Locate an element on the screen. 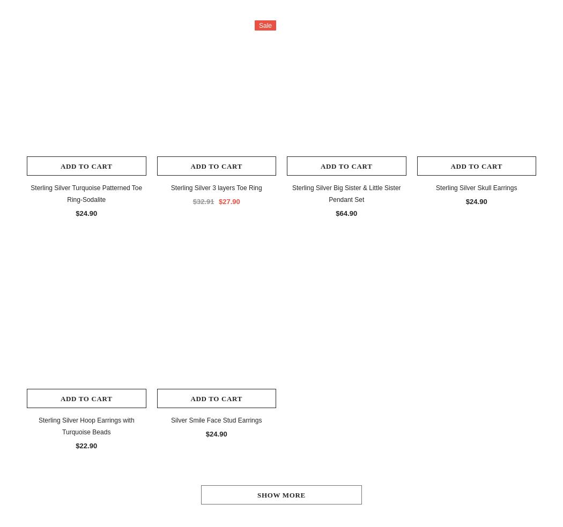 This screenshot has width=563, height=527. '$64.90' is located at coordinates (345, 213).